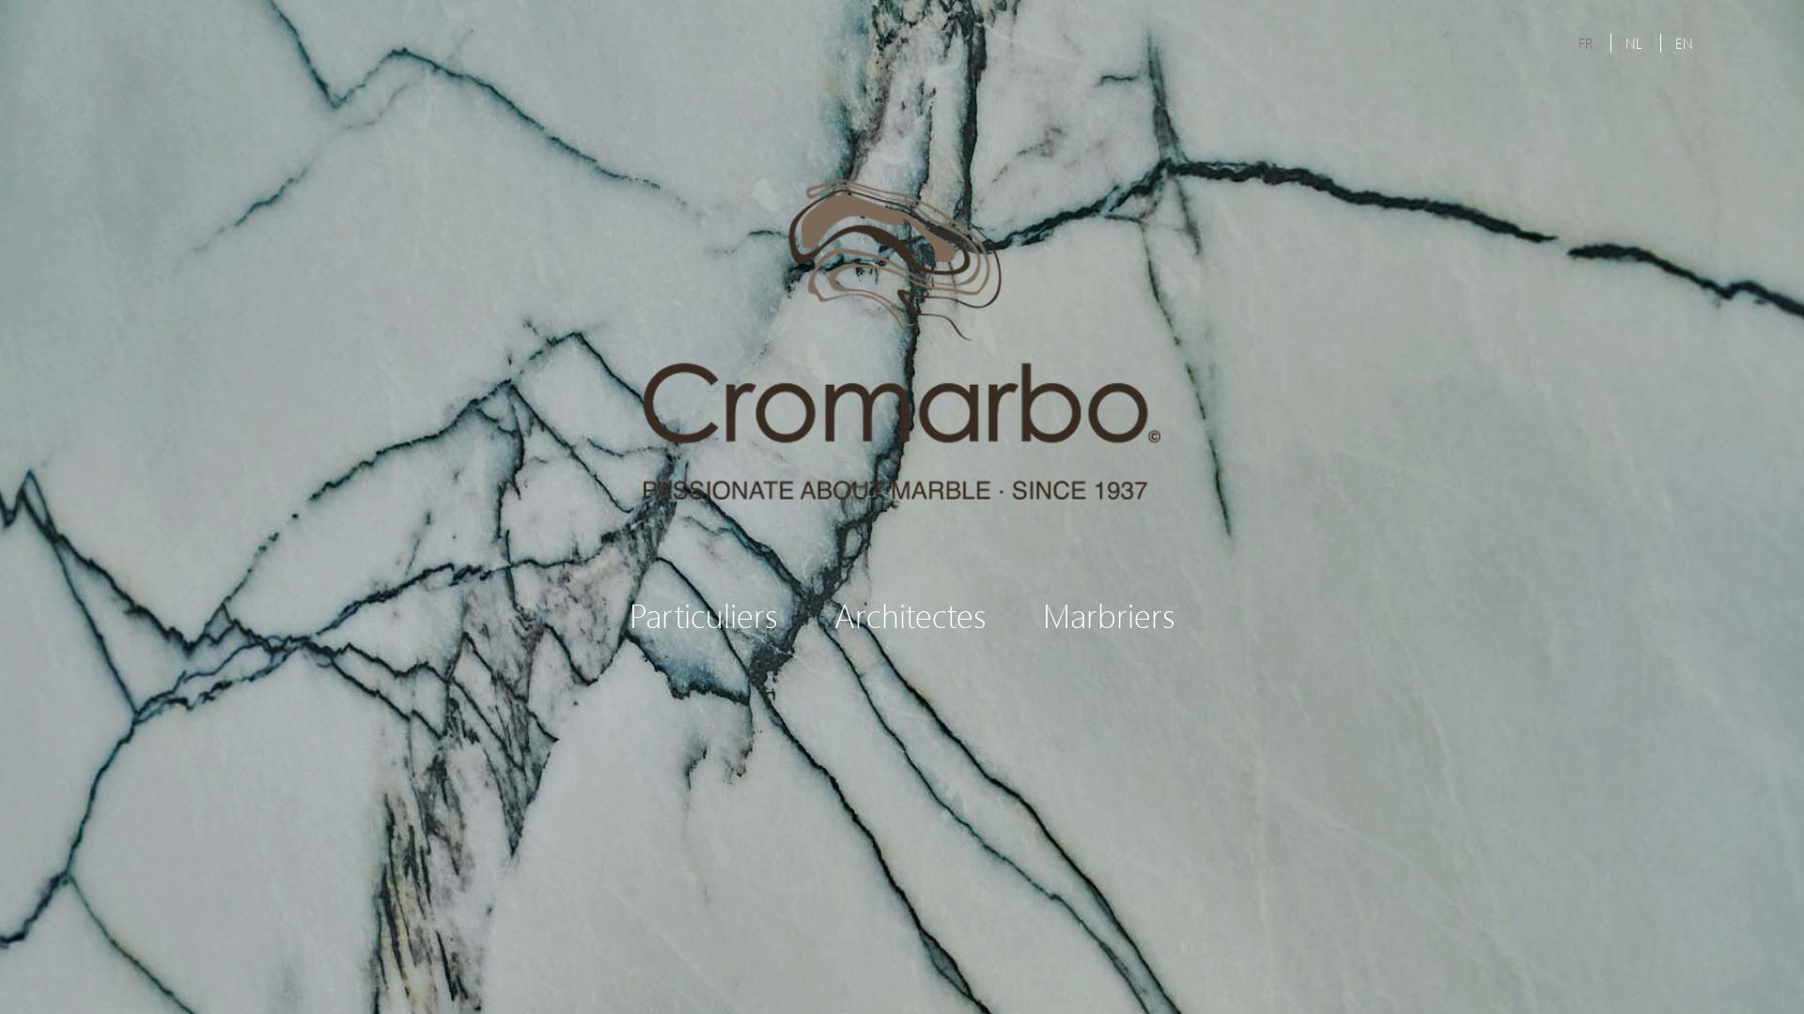 The height and width of the screenshot is (1014, 1804). I want to click on 'FR', so click(1584, 42).